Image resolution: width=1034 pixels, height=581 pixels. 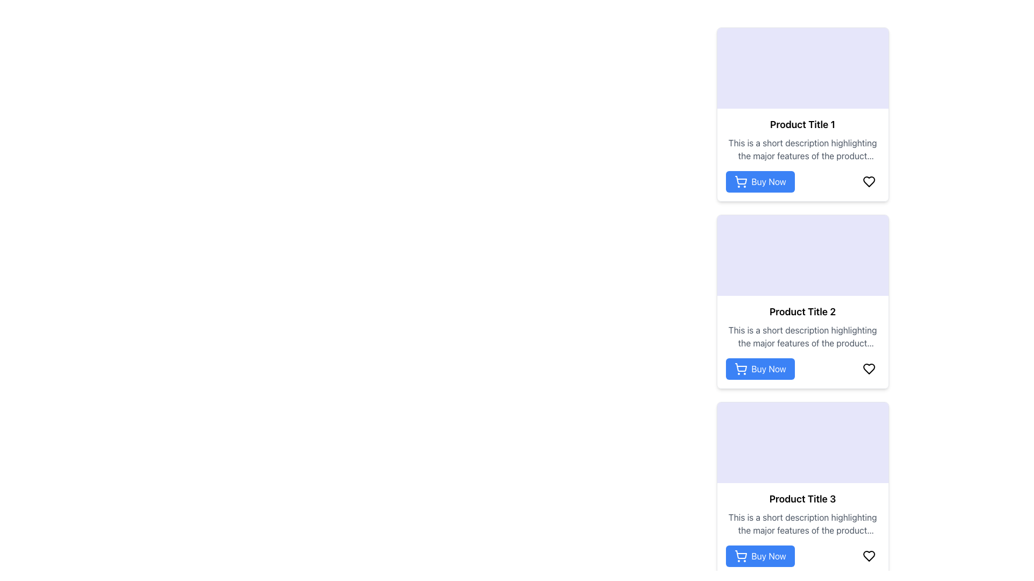 I want to click on the heart icon in the top-right corner of the bottom section of the product card titled 'Product Title 1', so click(x=869, y=181).